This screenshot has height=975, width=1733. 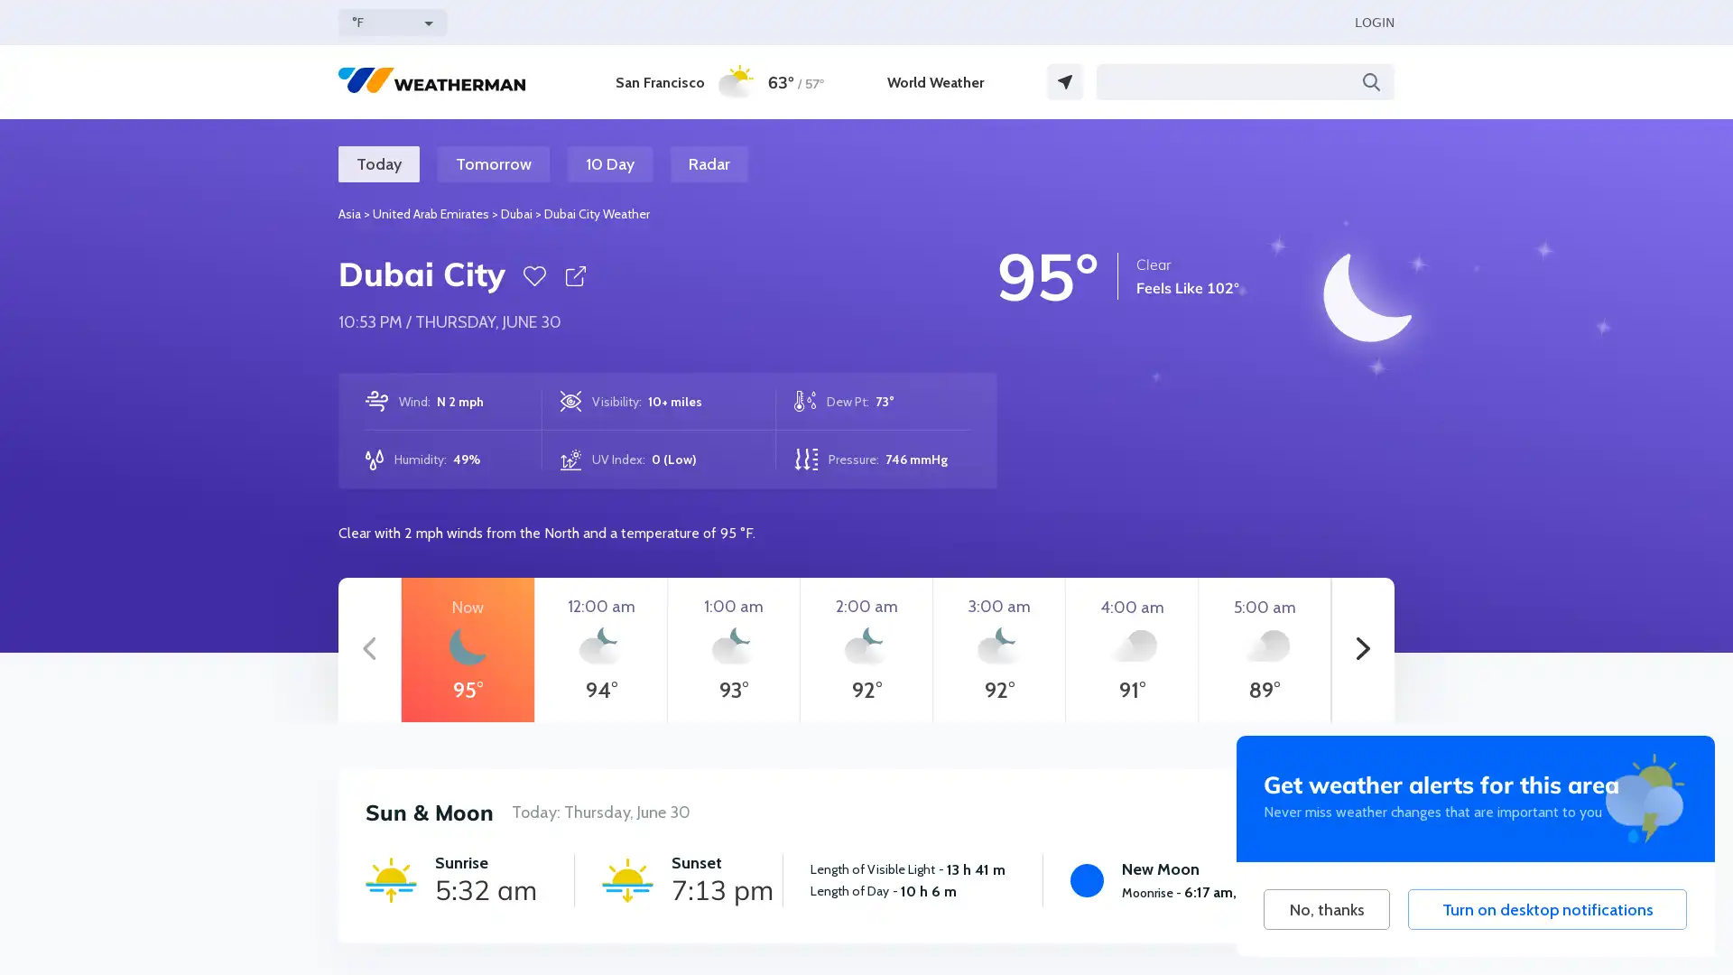 What do you see at coordinates (368, 650) in the screenshot?
I see `Previous hours` at bounding box center [368, 650].